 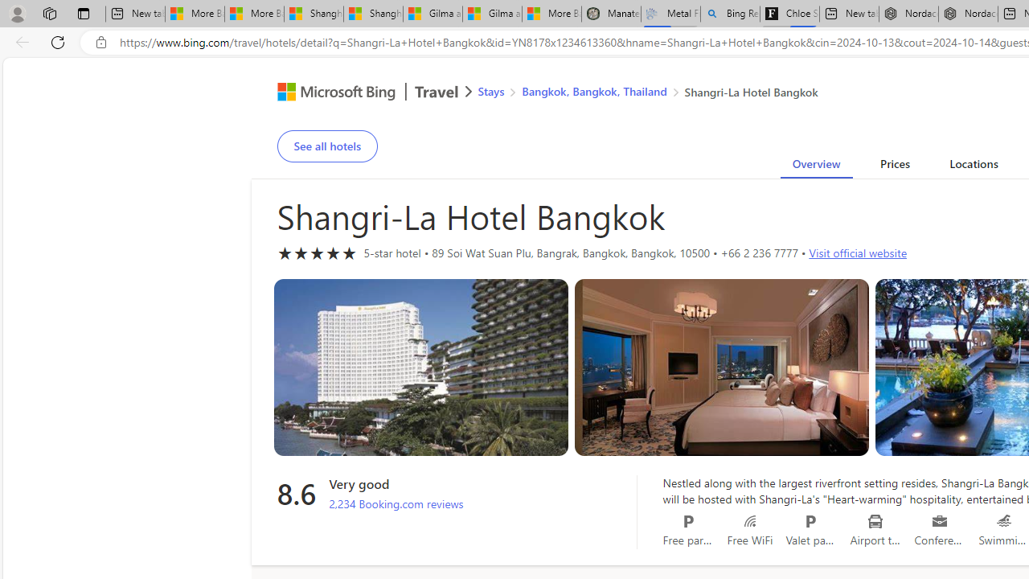 What do you see at coordinates (331, 92) in the screenshot?
I see `'Class: msft-bing-logo msft-bing-logo-desktop'` at bounding box center [331, 92].